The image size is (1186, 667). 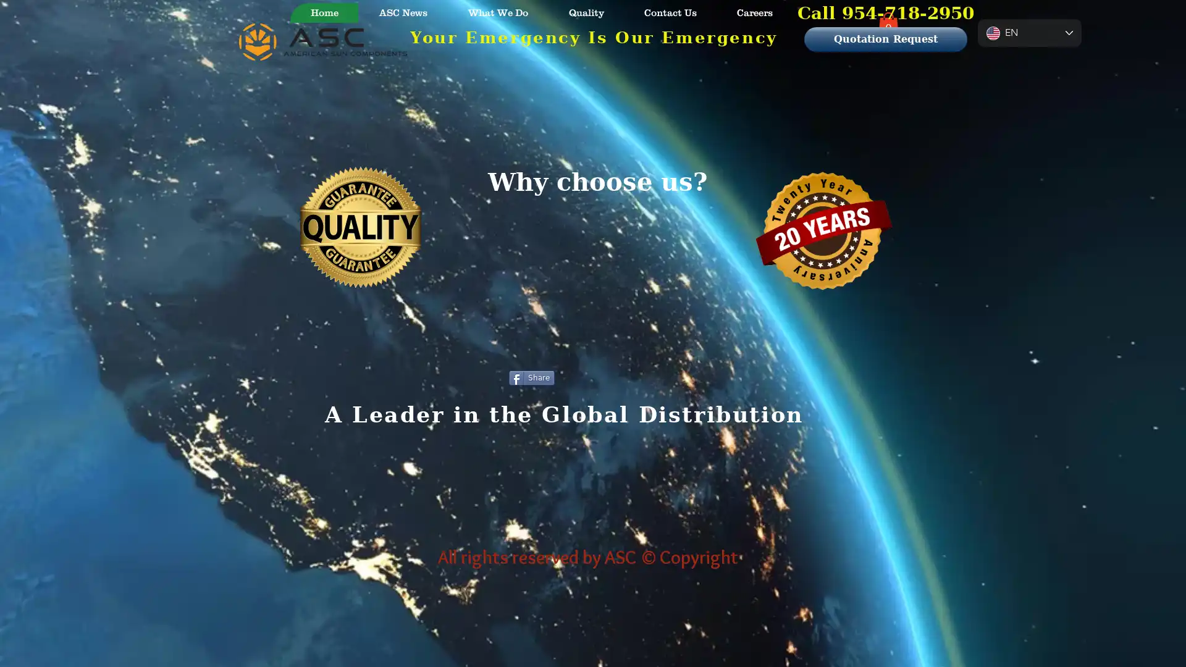 What do you see at coordinates (888, 25) in the screenshot?
I see `Cart with 0 items` at bounding box center [888, 25].